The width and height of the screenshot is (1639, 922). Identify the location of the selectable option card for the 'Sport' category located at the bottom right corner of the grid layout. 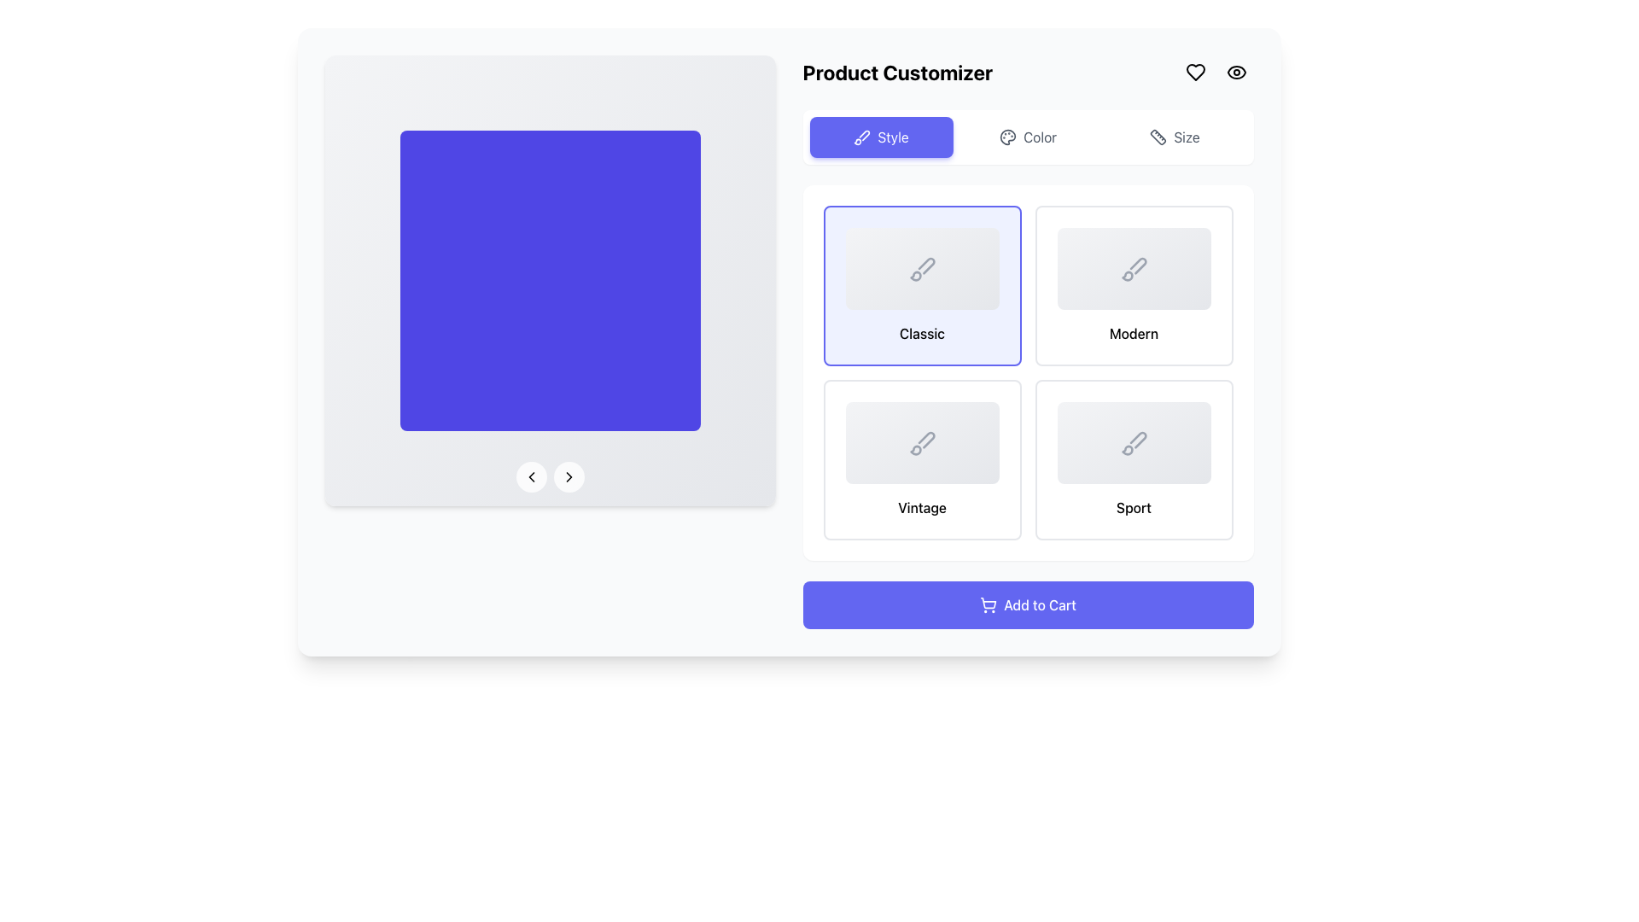
(1134, 459).